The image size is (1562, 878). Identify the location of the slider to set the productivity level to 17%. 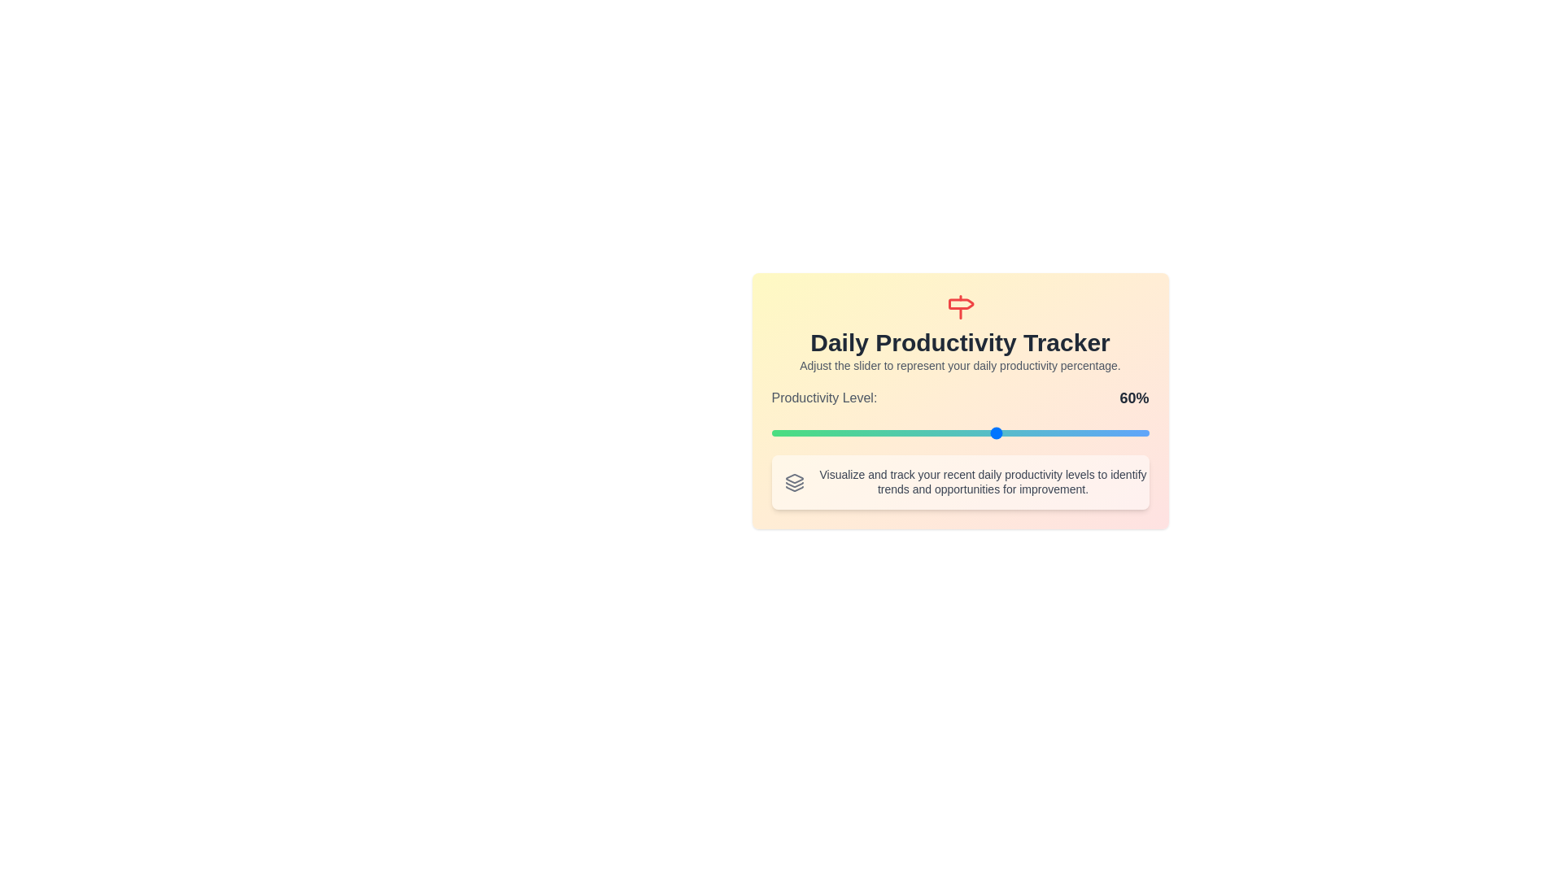
(836, 432).